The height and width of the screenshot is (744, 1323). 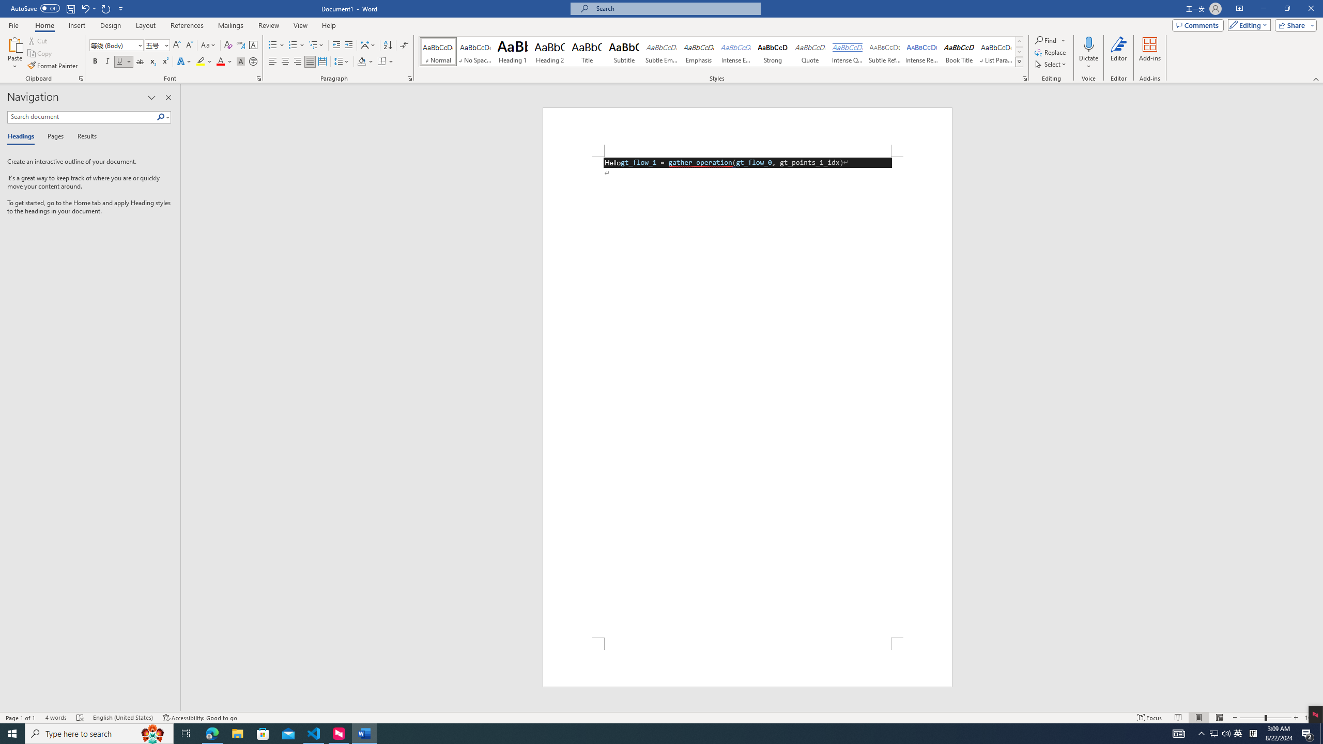 I want to click on 'Subtitle', so click(x=624, y=51).